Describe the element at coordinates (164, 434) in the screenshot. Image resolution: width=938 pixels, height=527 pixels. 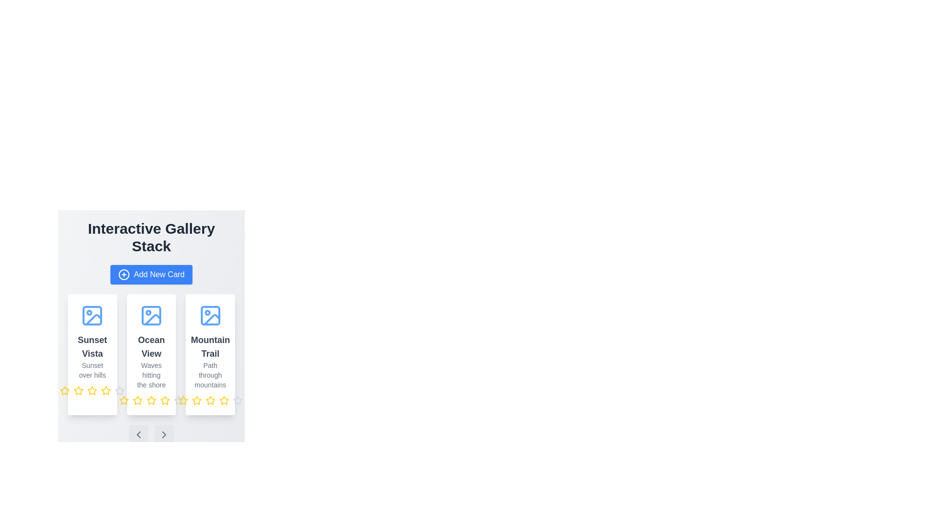
I see `the right-facing chevron arrow icon button, which is styled in gray and located at the bottom right of the navigation button section, to change its appearance` at that location.